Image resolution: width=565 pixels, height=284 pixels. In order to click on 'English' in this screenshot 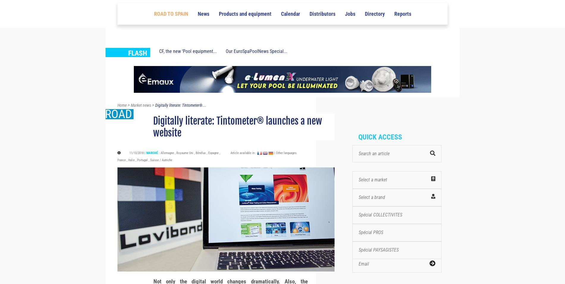, I will do `click(415, 8)`.